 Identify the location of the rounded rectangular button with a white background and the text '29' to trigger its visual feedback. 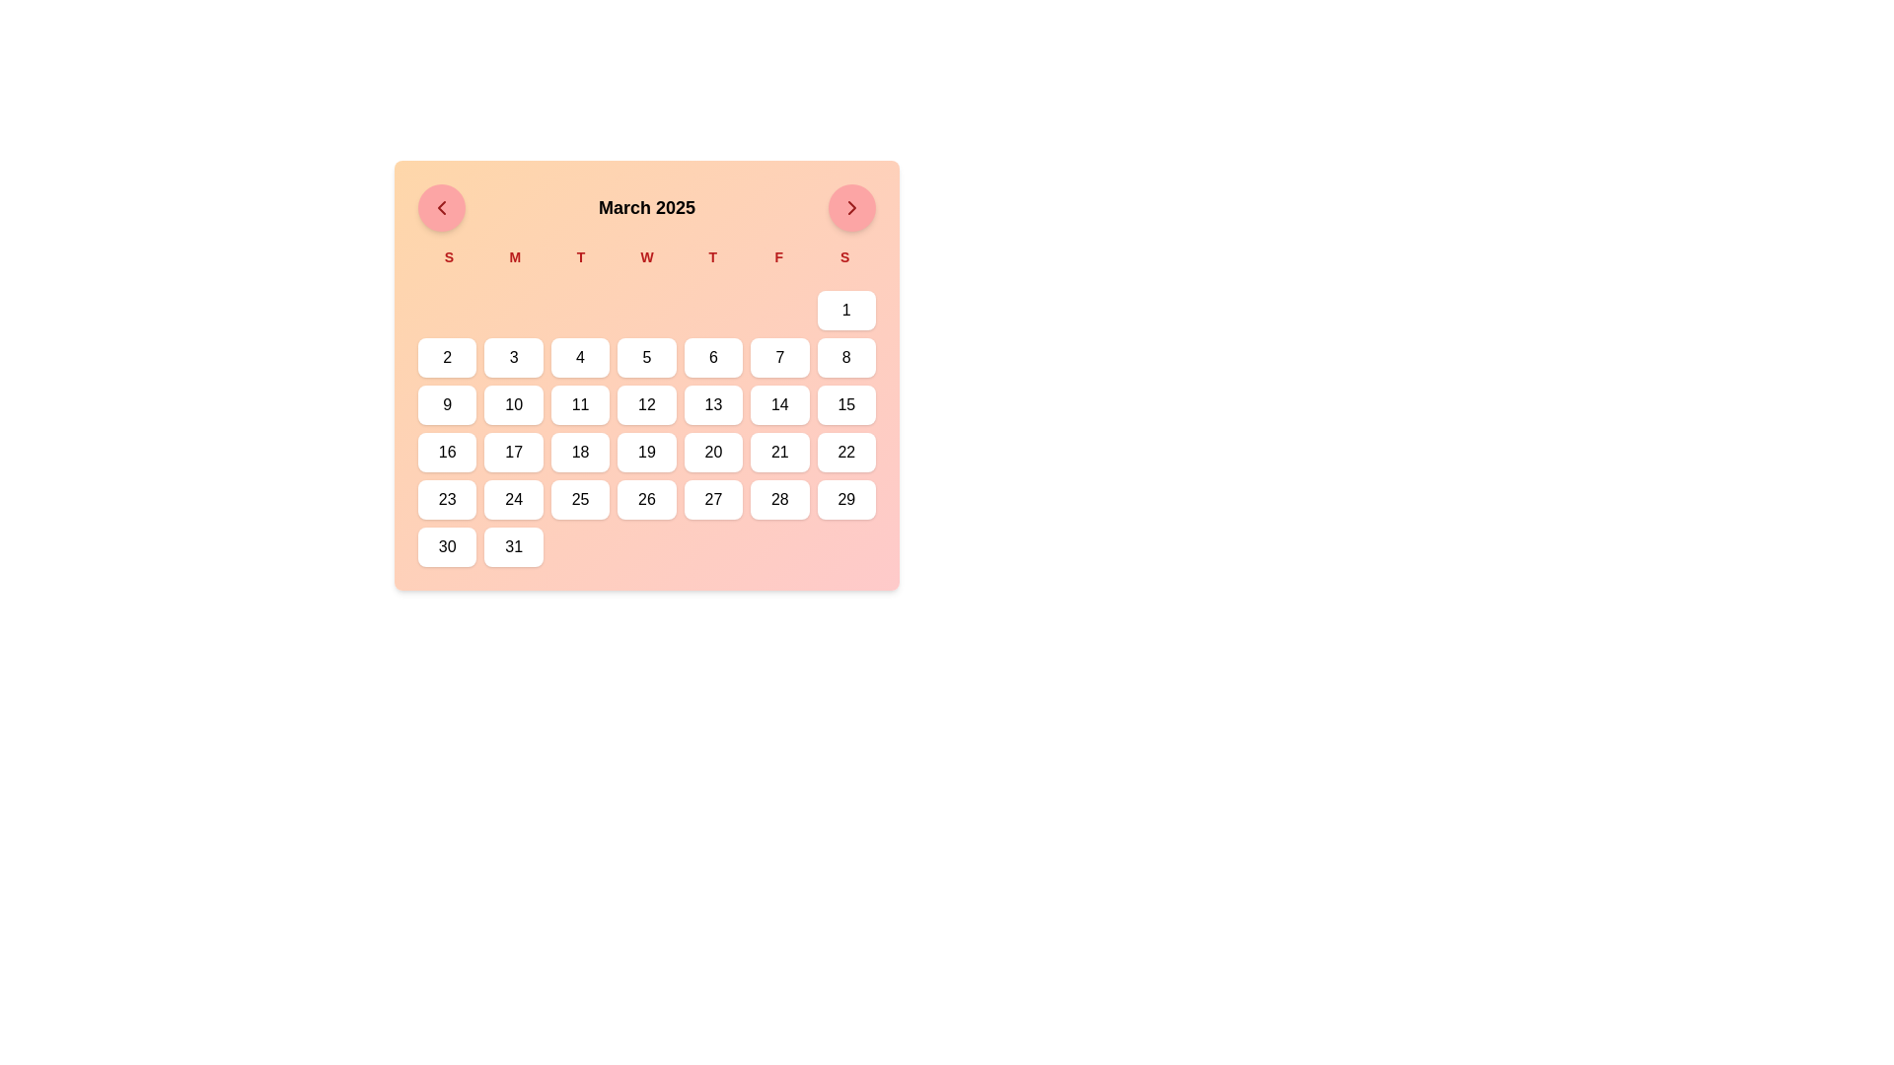
(846, 498).